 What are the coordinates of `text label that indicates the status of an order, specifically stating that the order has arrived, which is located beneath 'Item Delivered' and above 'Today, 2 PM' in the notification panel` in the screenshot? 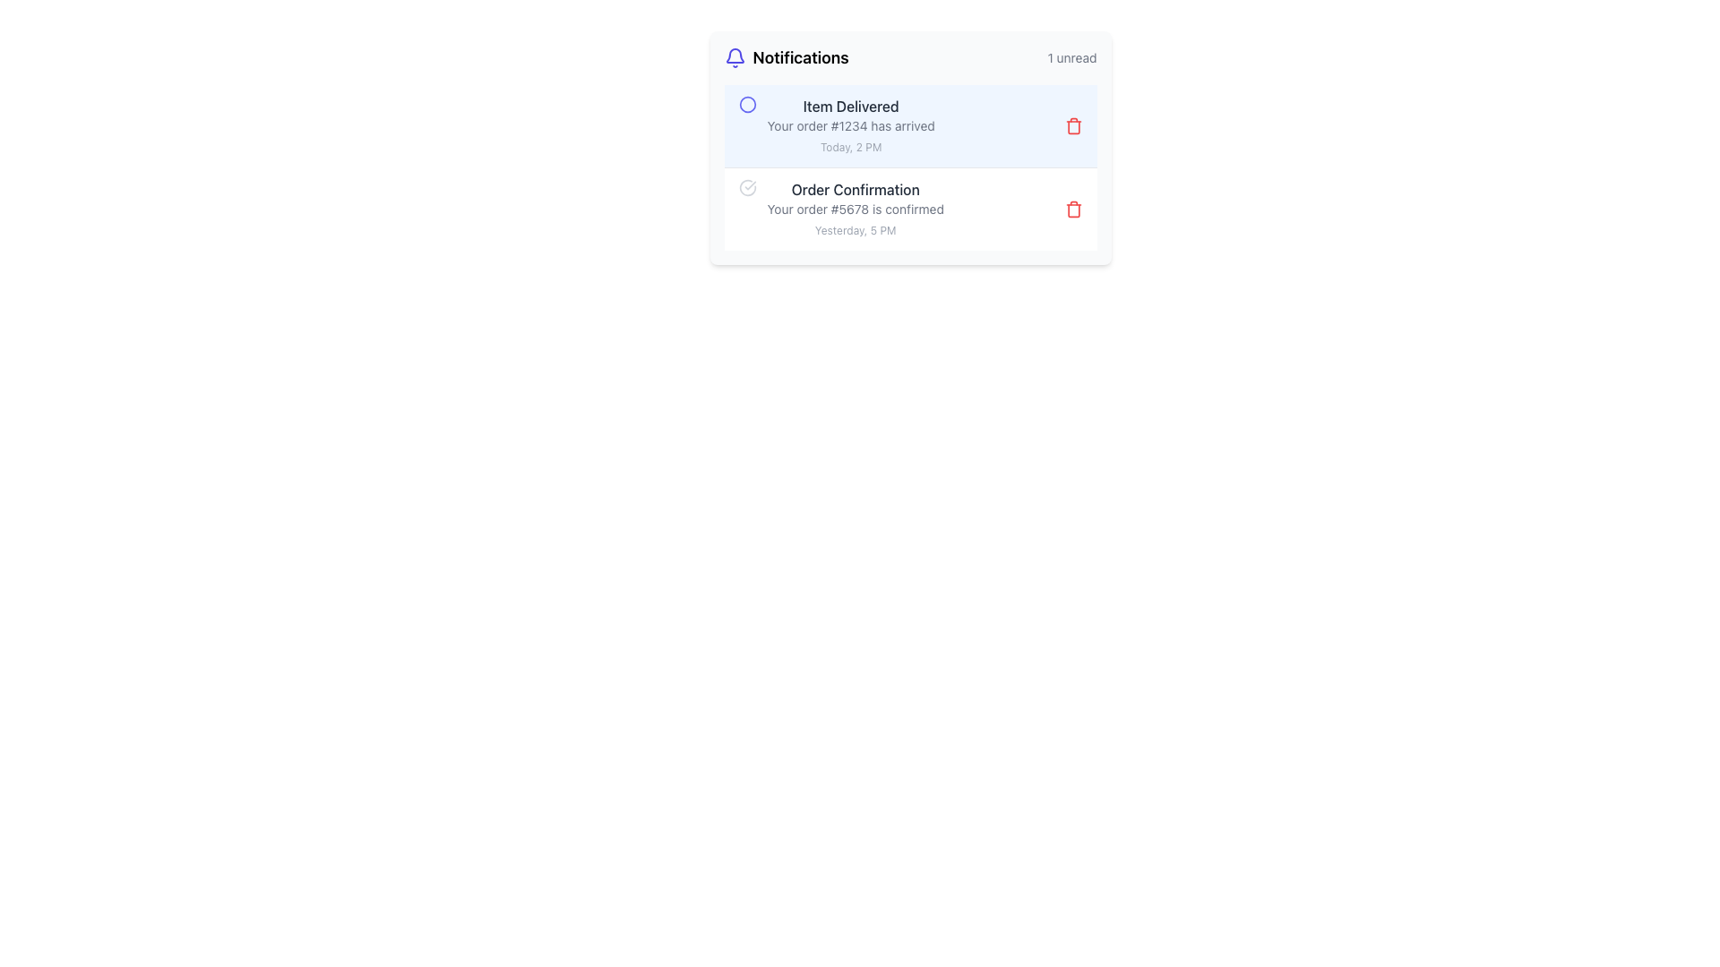 It's located at (850, 125).